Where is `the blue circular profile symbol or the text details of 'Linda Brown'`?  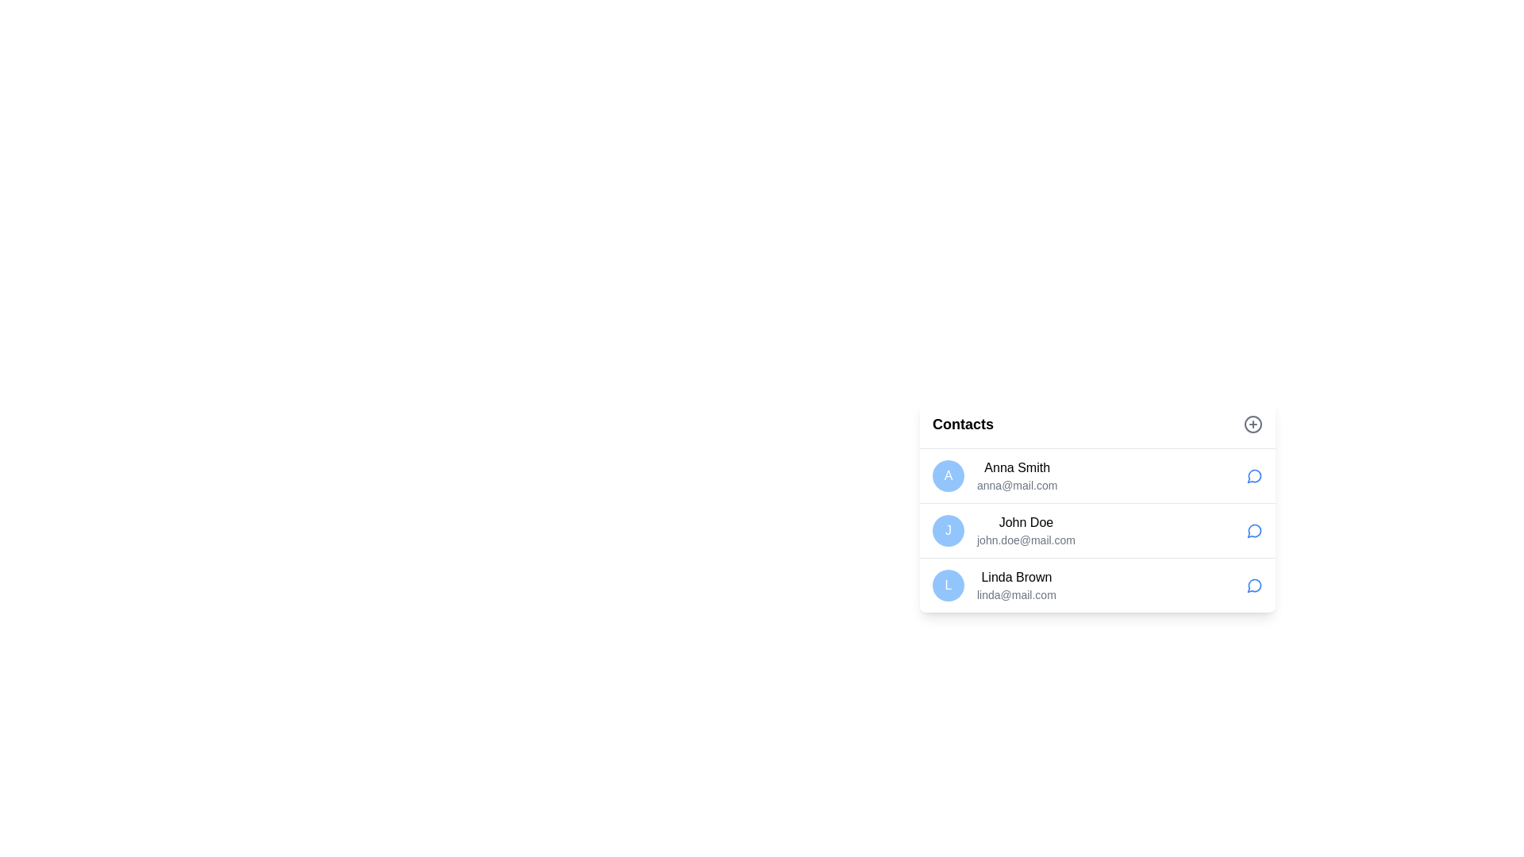 the blue circular profile symbol or the text details of 'Linda Brown' is located at coordinates (993, 585).